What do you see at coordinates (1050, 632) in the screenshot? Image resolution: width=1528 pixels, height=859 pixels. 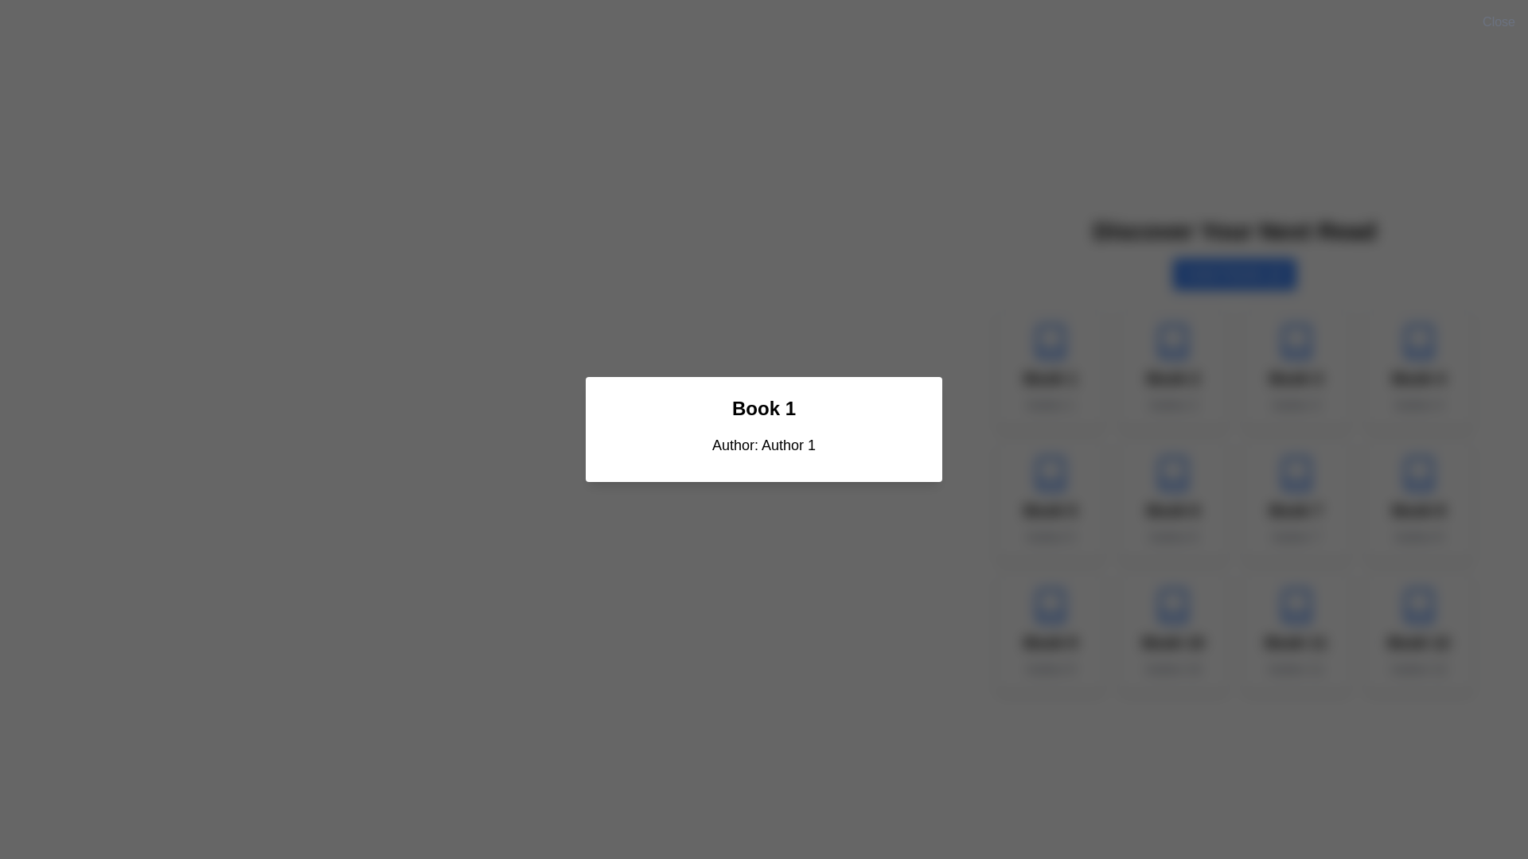 I see `the card labeled 'Book 9' and 'Author 9'` at bounding box center [1050, 632].